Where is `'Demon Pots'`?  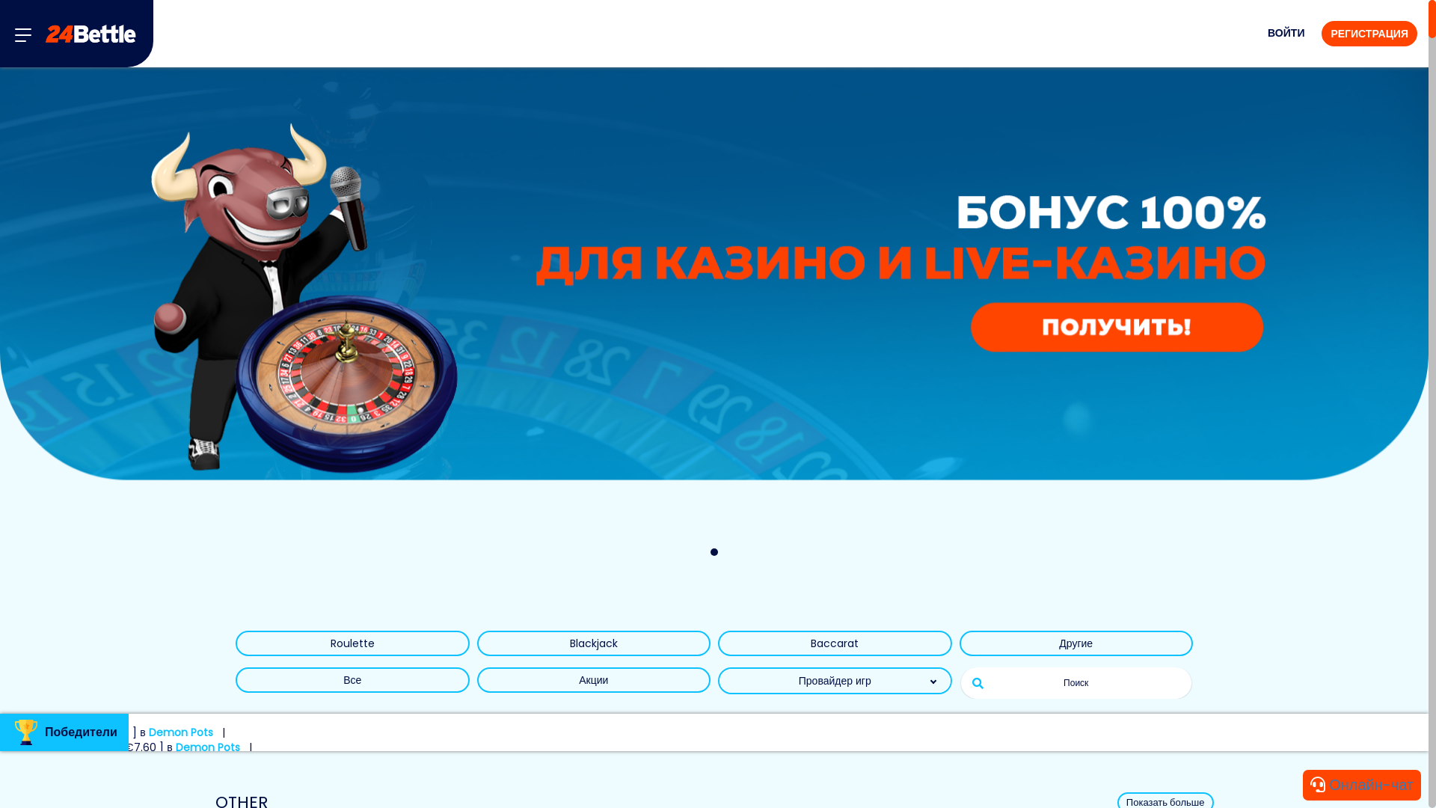 'Demon Pots' is located at coordinates (207, 747).